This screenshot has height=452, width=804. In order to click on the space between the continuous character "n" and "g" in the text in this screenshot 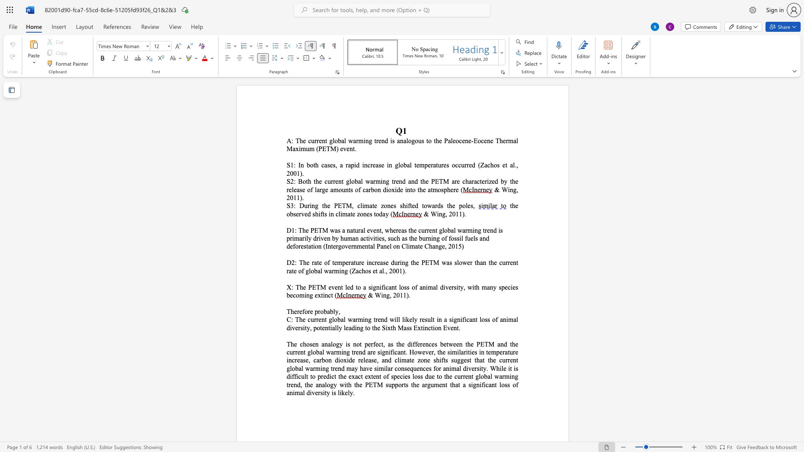, I will do `click(314, 205)`.